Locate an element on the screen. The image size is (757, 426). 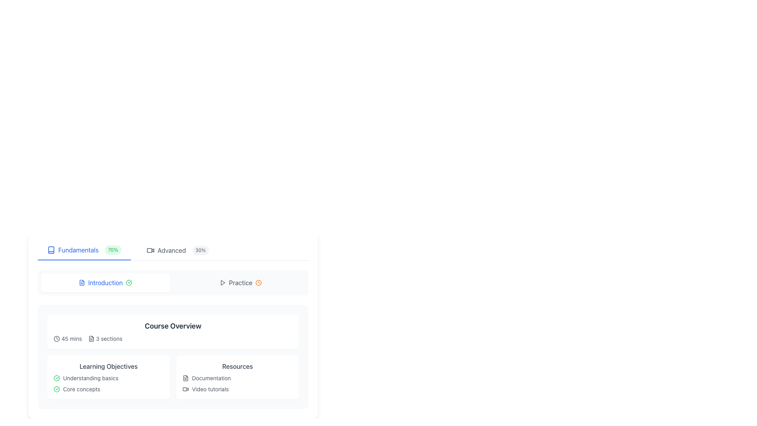
the document file icon in the 'Resources' section, which is visually represented by a rectangular outline with rounded corners and a folded upper-right corner, indicating it is next to the 'Documentation' text is located at coordinates (185, 378).